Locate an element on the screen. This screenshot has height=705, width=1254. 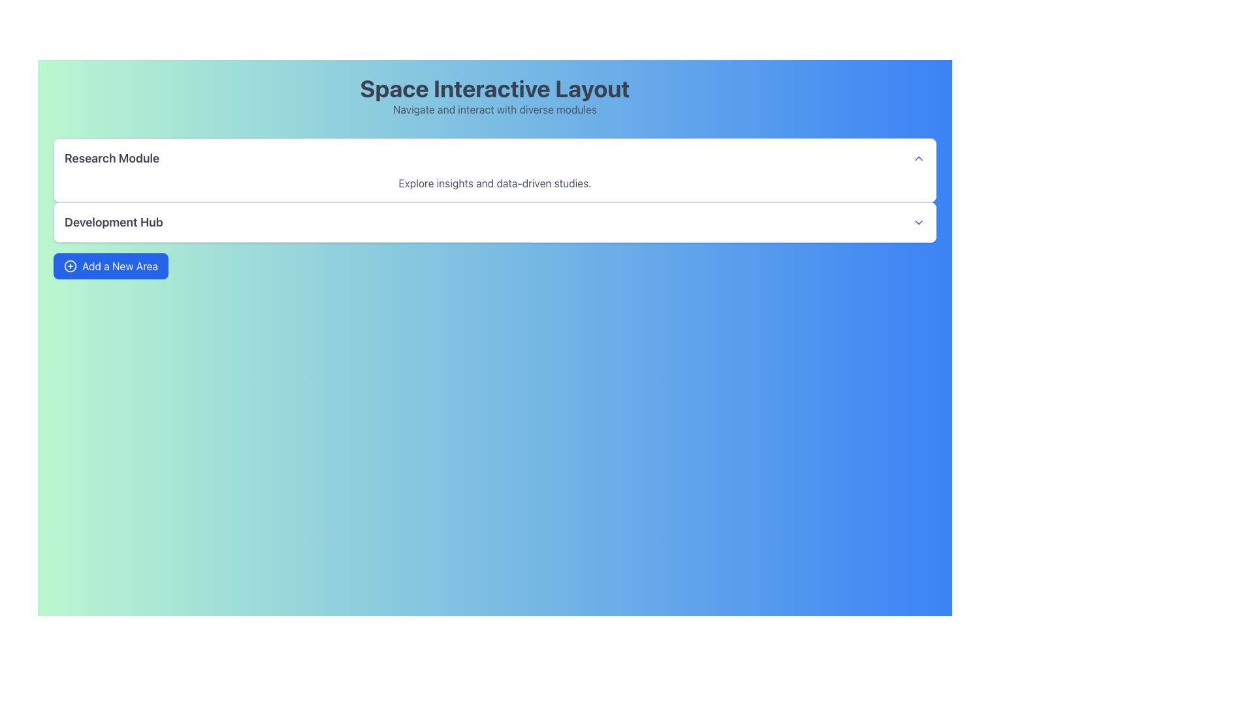
the button located at the bottom of the 'Development Hub' section to observe visual hover effects is located at coordinates (110, 266).